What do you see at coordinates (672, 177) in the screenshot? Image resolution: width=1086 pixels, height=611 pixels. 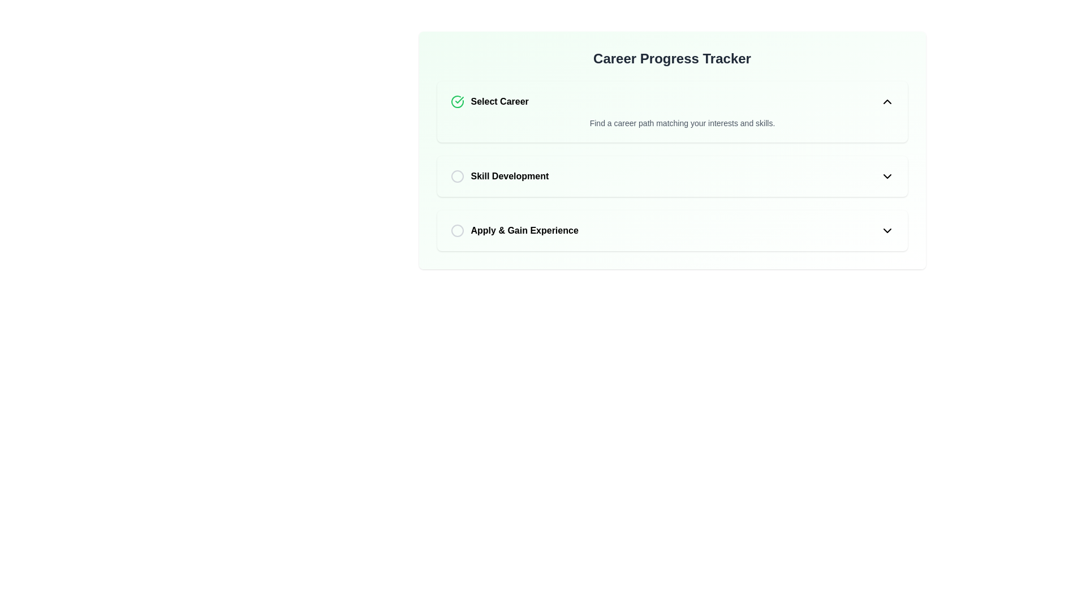 I see `the radio button of the 'Skill Development' item in the Career Progress Tracker list, which is styled with a white background and rounded corners` at bounding box center [672, 177].